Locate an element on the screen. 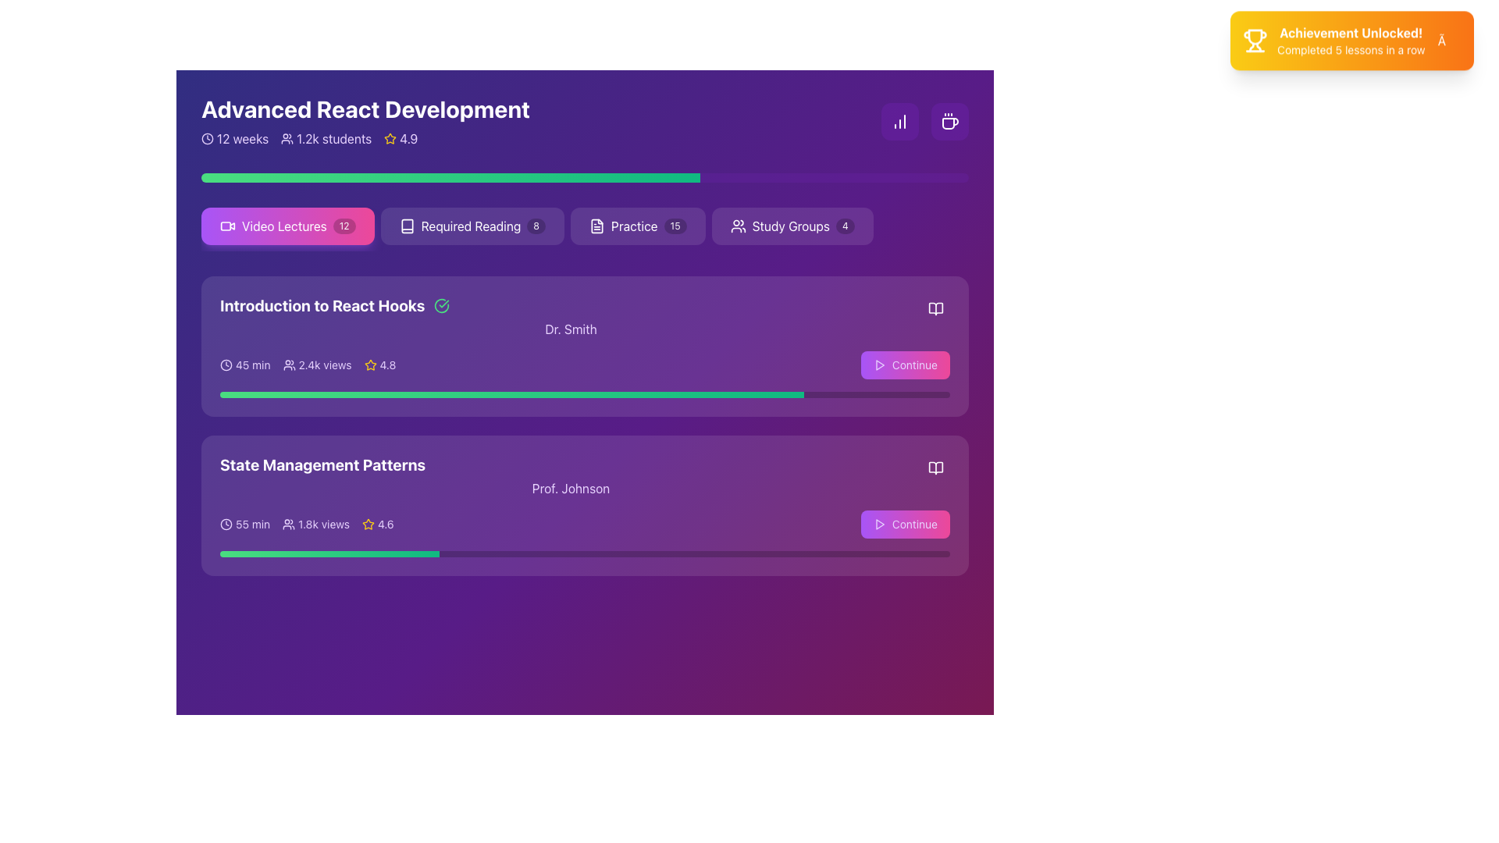 This screenshot has height=843, width=1499. the clock icon, which is a modern SVG illustration with a circular outline and hands indicating time, located in the 'Advanced React Development' section before the text '12 weeks' is located at coordinates (206, 137).